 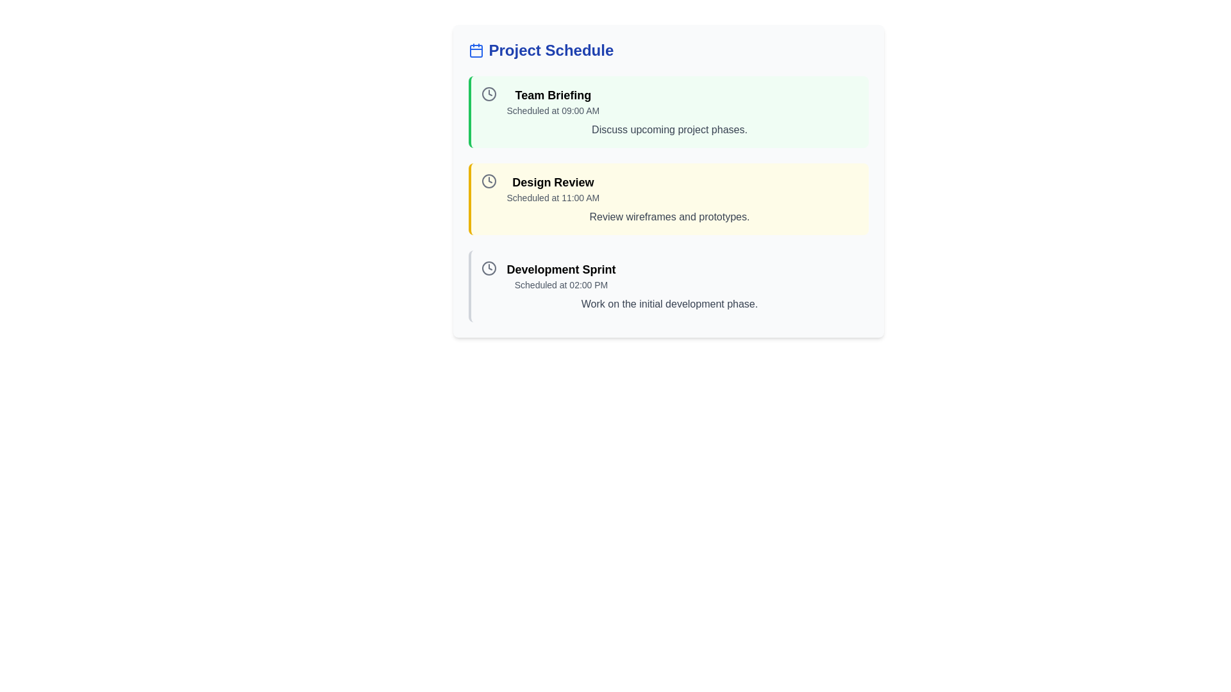 What do you see at coordinates (553, 188) in the screenshot?
I see `text displayed for the scheduled meeting or event titled 'Design Review' at '11:00 AM', which is the second entry in the 'Project Schedule' list` at bounding box center [553, 188].